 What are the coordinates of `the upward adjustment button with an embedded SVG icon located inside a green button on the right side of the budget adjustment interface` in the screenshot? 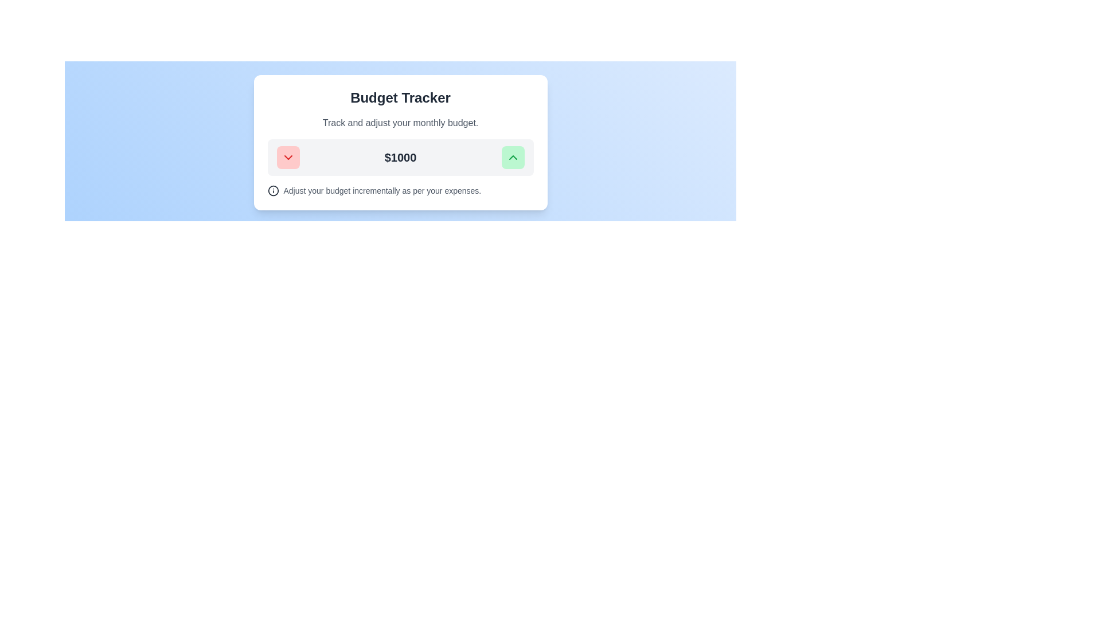 It's located at (512, 157).